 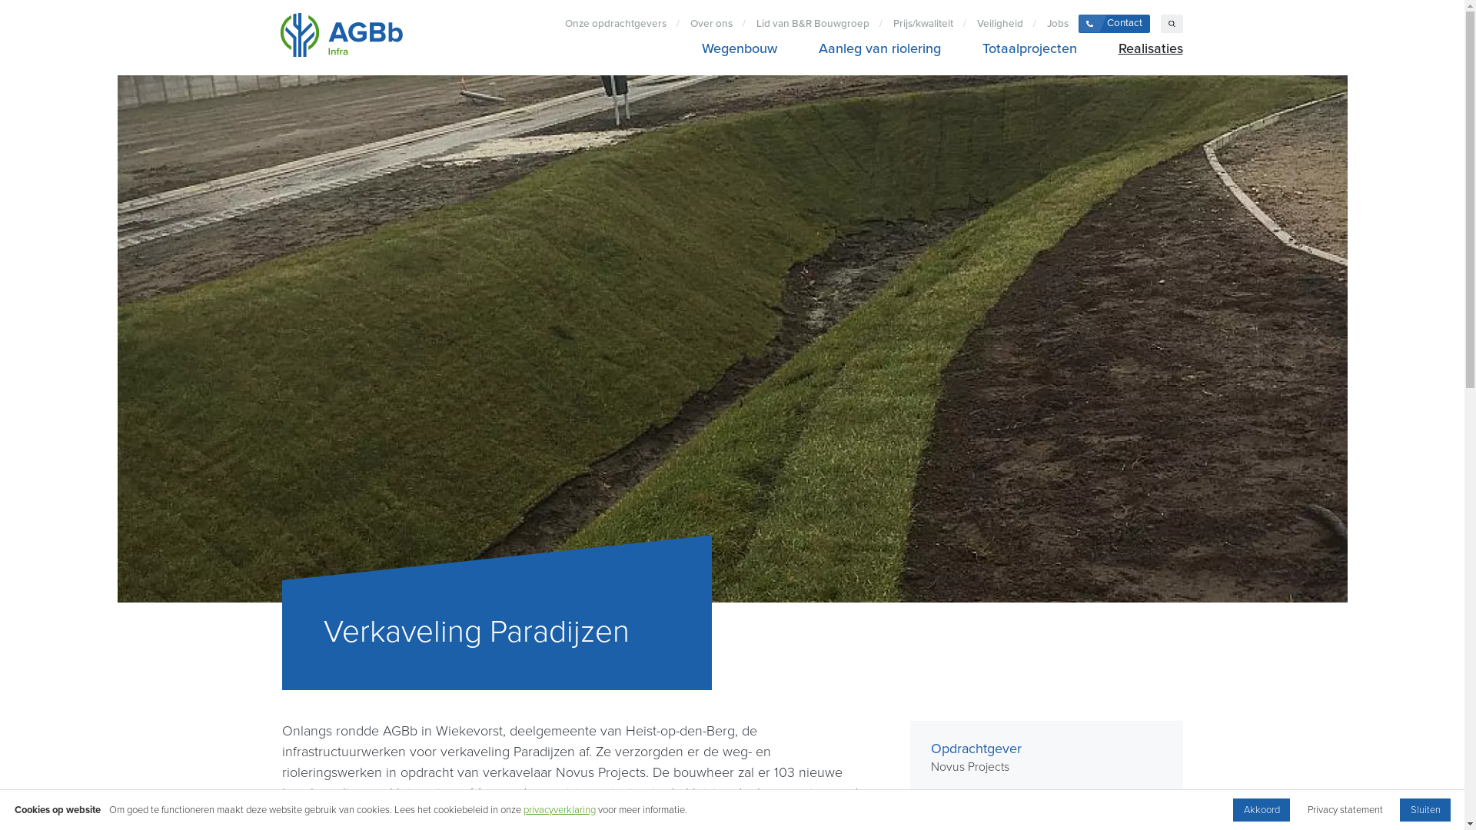 I want to click on 'Aanleg van riolering', so click(x=879, y=48).